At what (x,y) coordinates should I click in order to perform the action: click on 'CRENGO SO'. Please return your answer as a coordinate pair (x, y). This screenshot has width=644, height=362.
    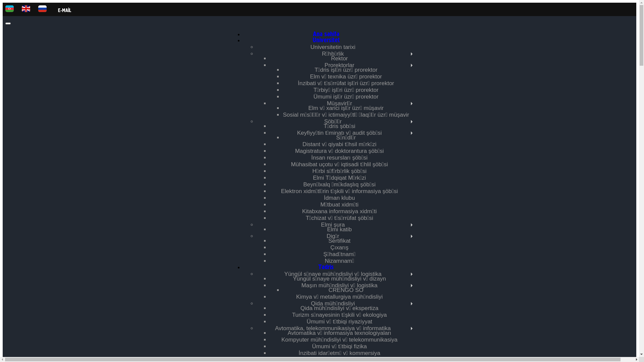
    Looking at the image, I should click on (346, 290).